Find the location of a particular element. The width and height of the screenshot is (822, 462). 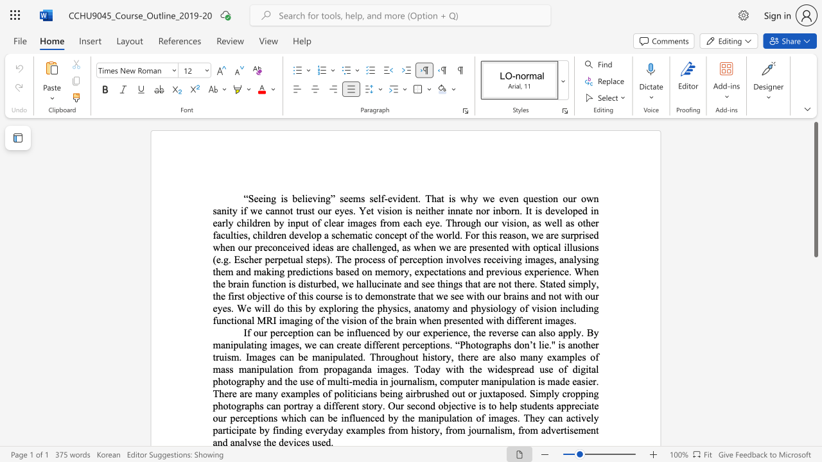

the scrollbar to slide the page down is located at coordinates (815, 339).